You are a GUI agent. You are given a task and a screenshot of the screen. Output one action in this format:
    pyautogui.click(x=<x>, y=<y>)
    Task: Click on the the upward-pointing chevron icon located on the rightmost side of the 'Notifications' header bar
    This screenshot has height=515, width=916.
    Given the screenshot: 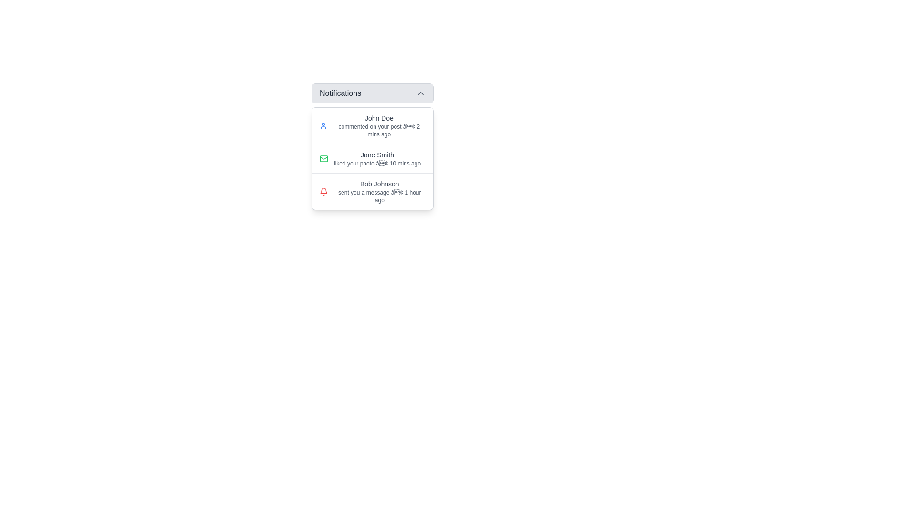 What is the action you would take?
    pyautogui.click(x=420, y=93)
    